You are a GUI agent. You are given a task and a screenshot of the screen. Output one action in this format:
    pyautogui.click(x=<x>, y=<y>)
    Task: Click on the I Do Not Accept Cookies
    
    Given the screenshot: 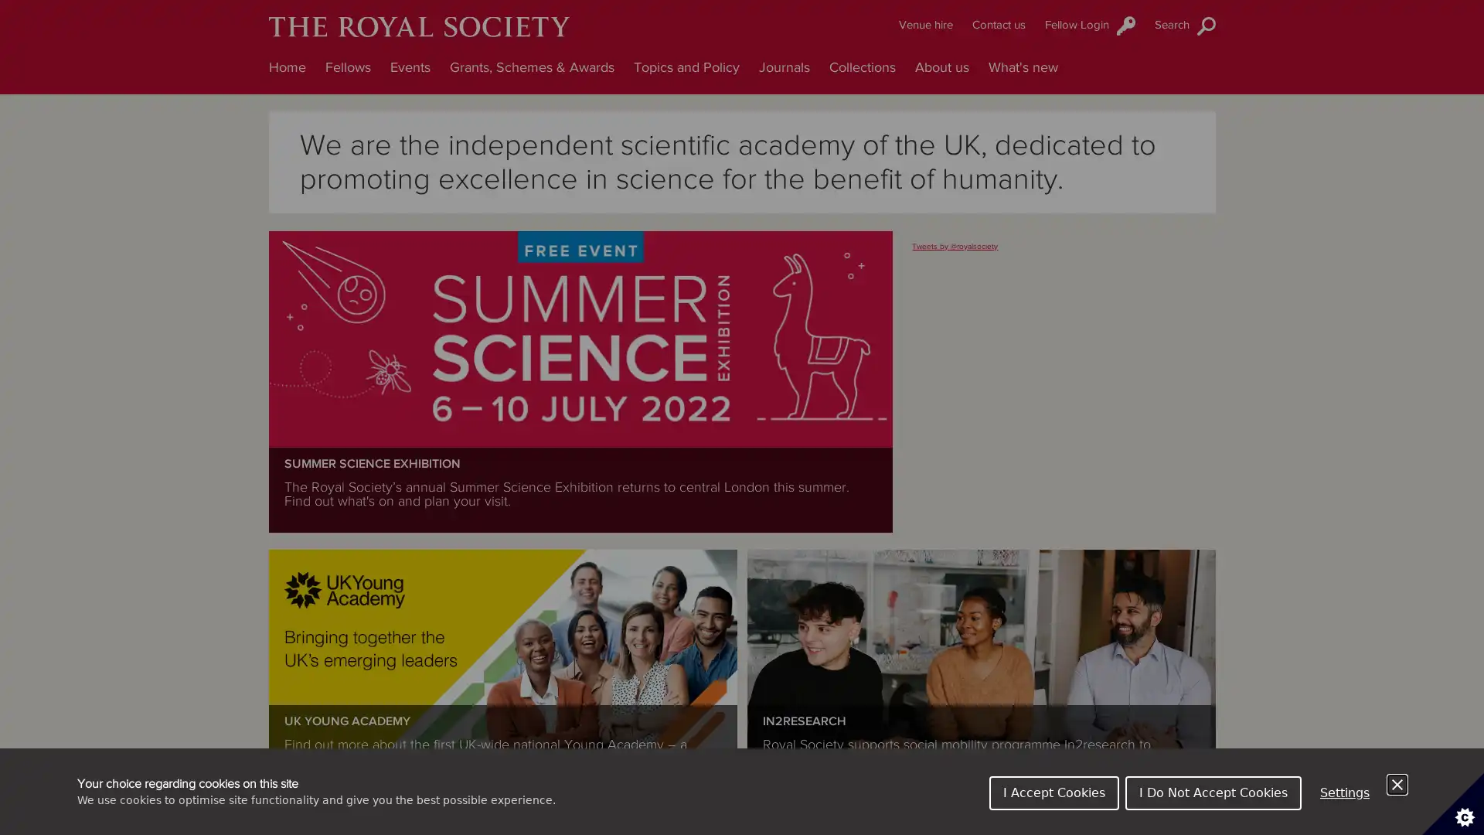 What is the action you would take?
    pyautogui.click(x=1212, y=793)
    